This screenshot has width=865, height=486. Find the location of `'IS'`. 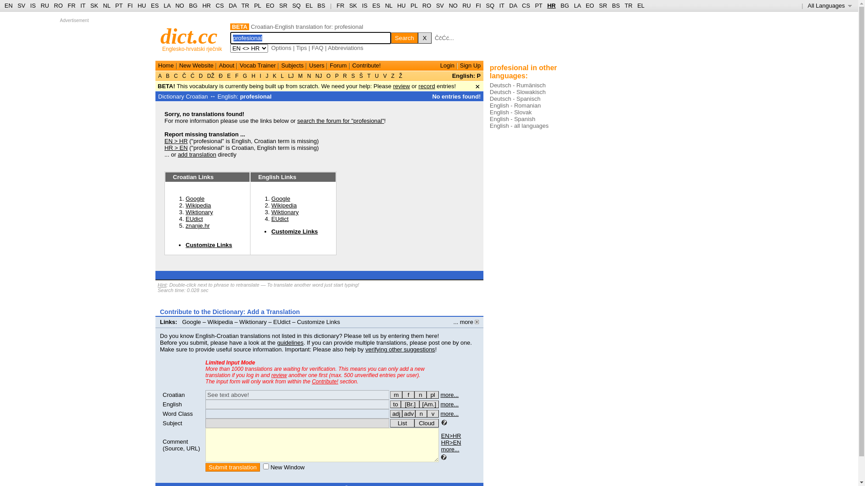

'IS' is located at coordinates (32, 5).